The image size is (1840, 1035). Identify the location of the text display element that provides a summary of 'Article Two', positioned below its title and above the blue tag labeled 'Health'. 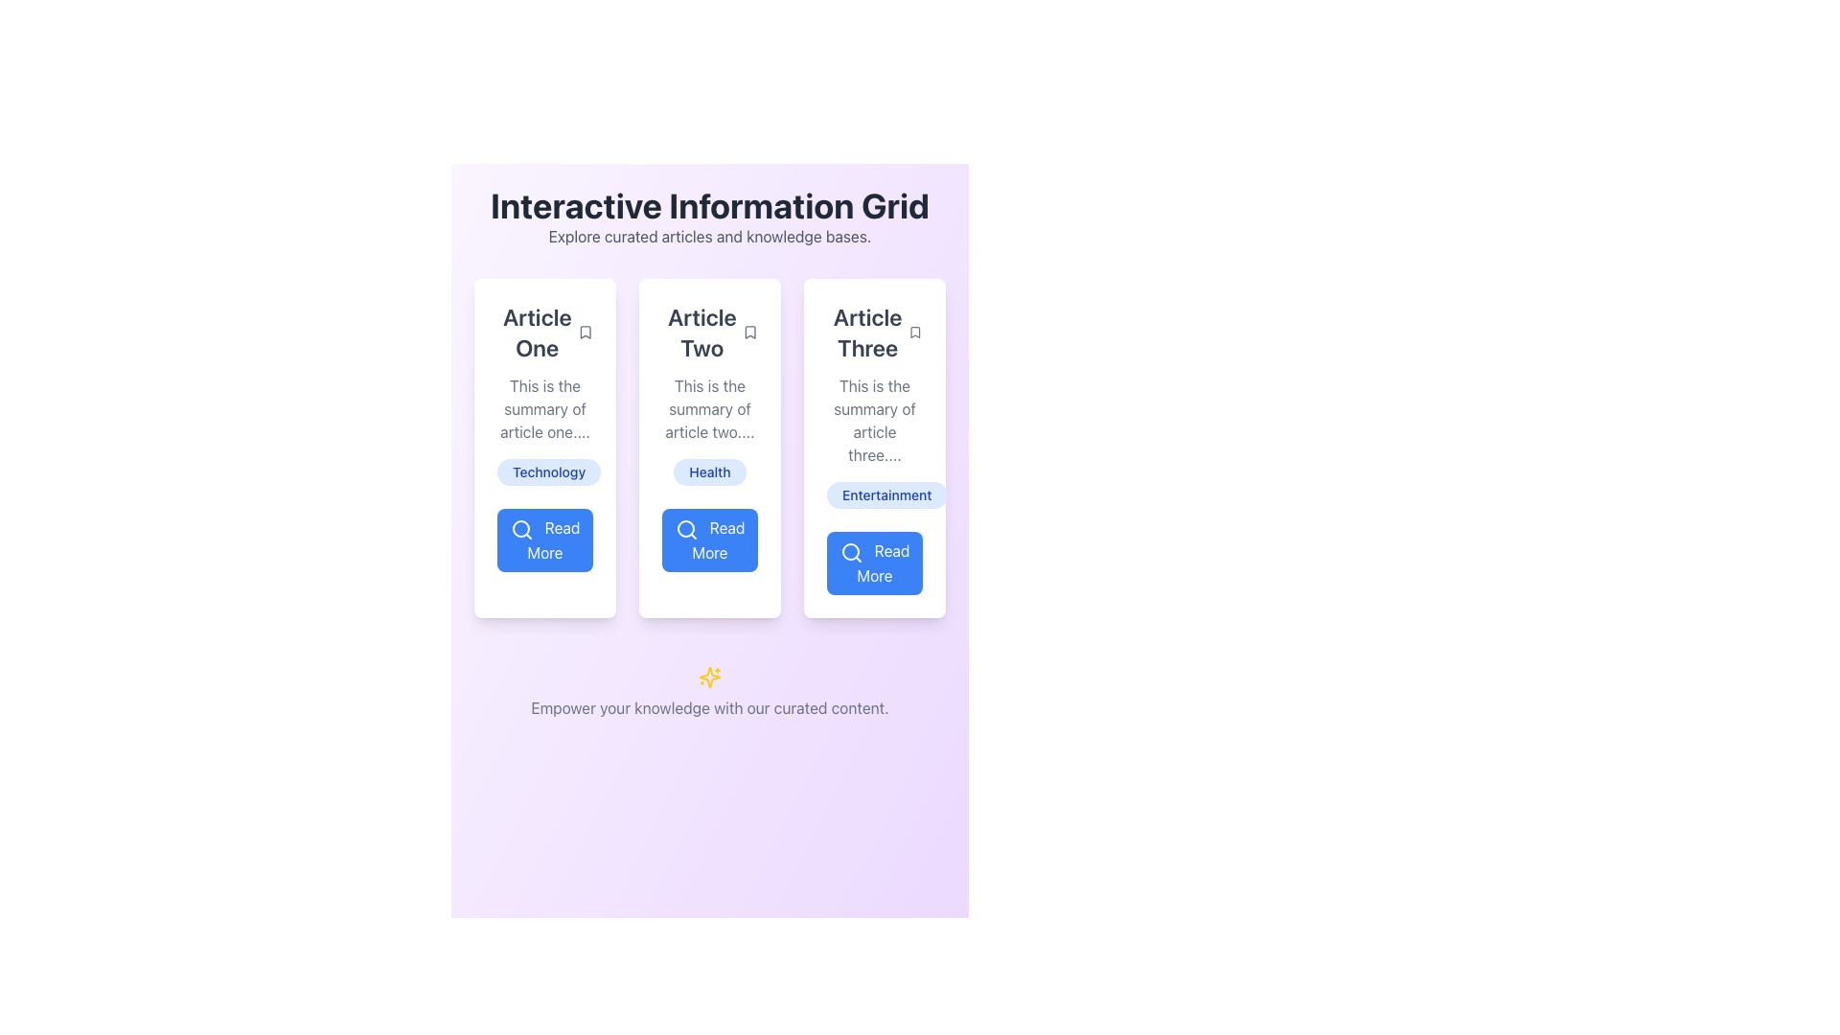
(708, 408).